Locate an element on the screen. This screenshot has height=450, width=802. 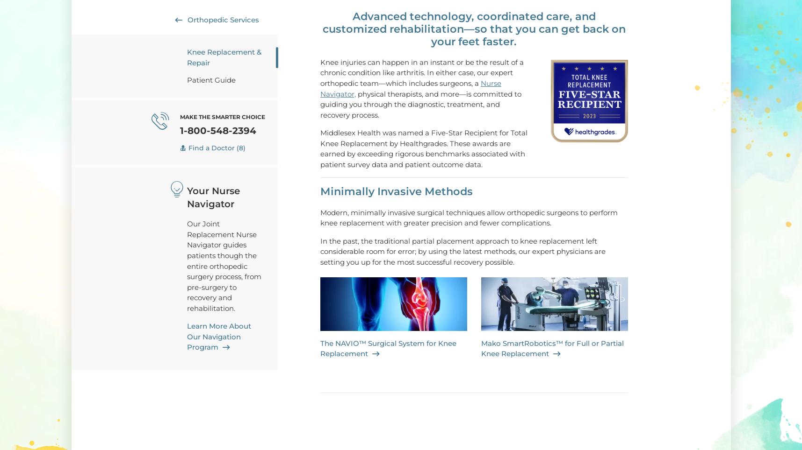
'Your Nurse Navigator' is located at coordinates (213, 197).